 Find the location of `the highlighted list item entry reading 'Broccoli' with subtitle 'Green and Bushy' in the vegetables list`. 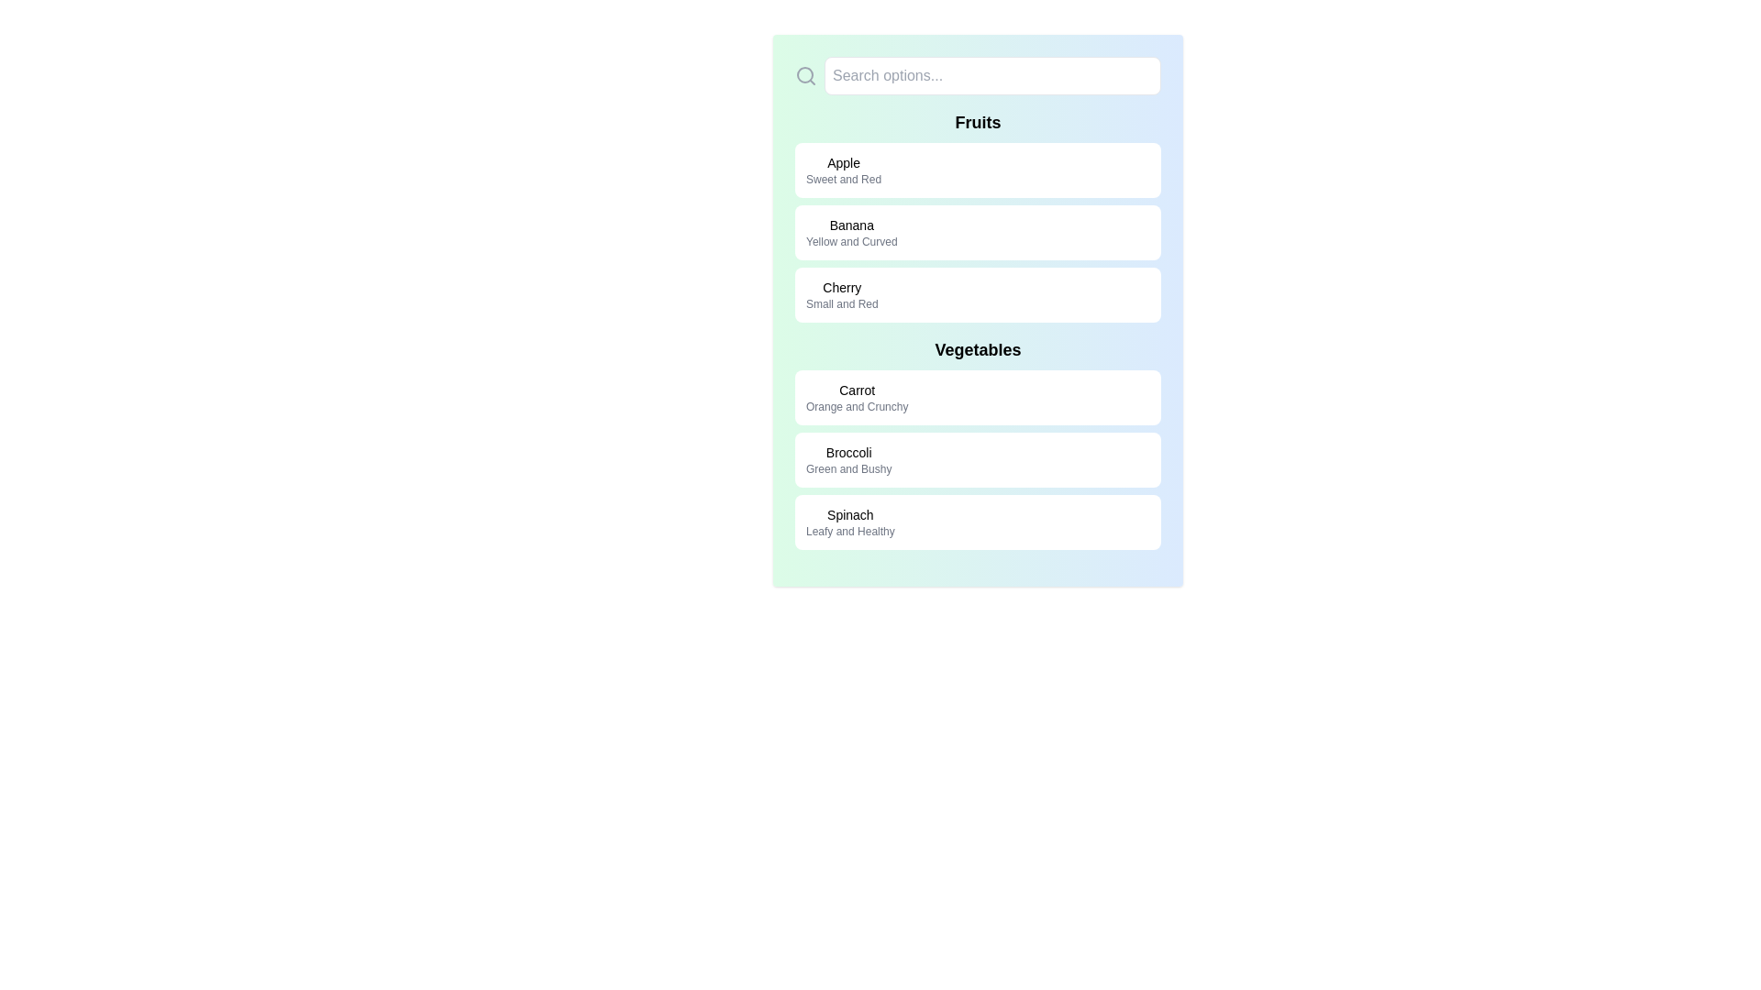

the highlighted list item entry reading 'Broccoli' with subtitle 'Green and Bushy' in the vegetables list is located at coordinates (977, 458).